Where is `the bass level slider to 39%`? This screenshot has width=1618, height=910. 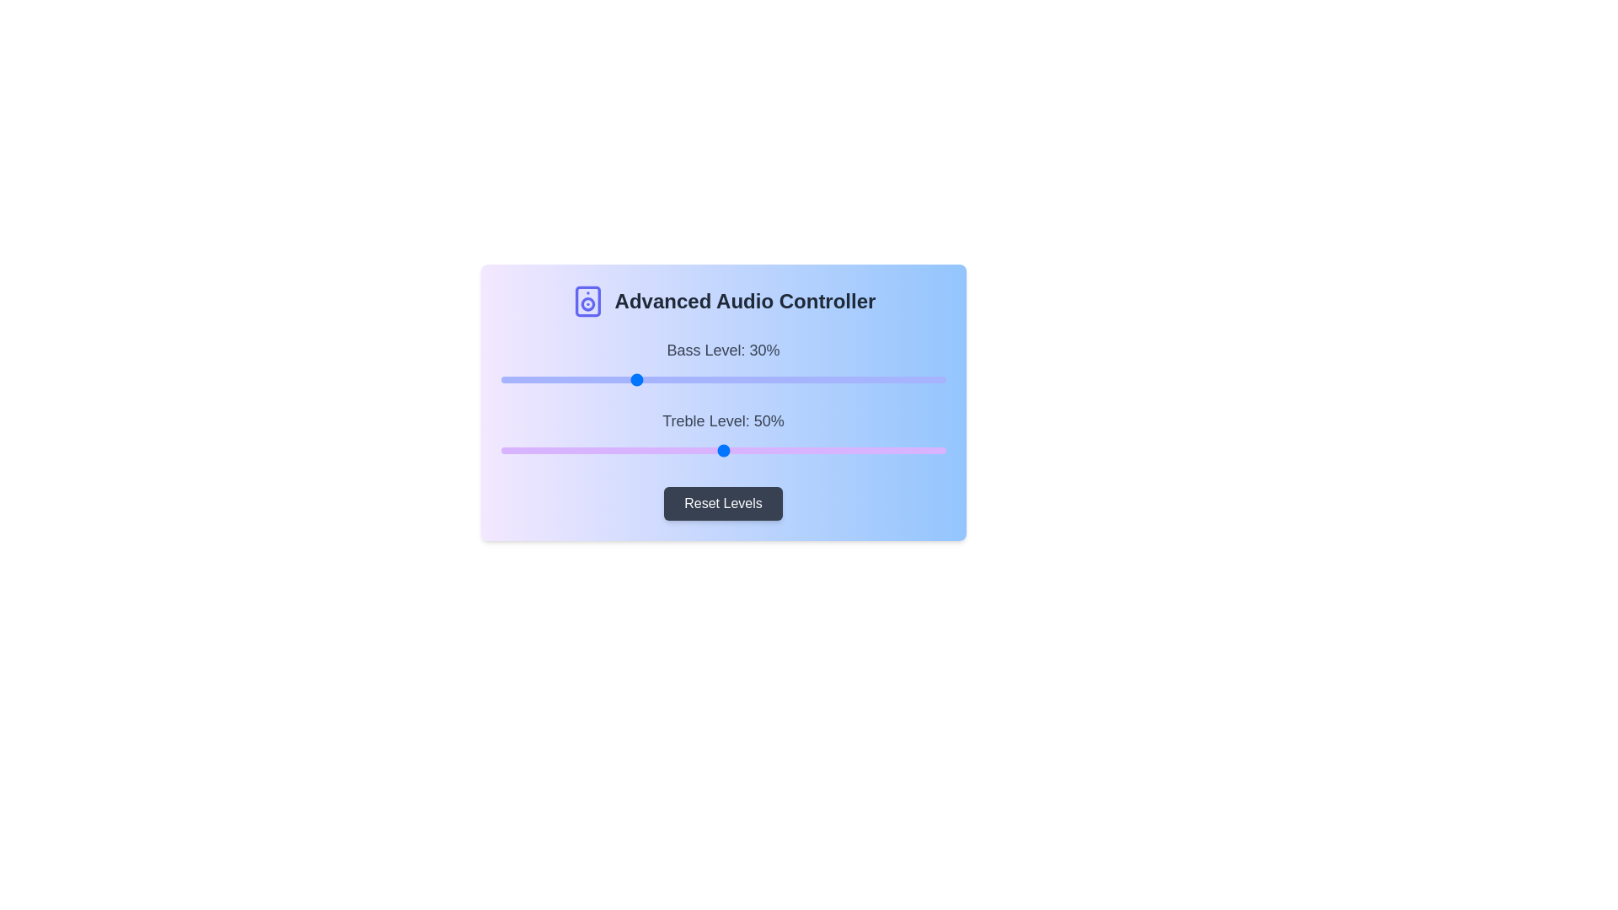
the bass level slider to 39% is located at coordinates (674, 380).